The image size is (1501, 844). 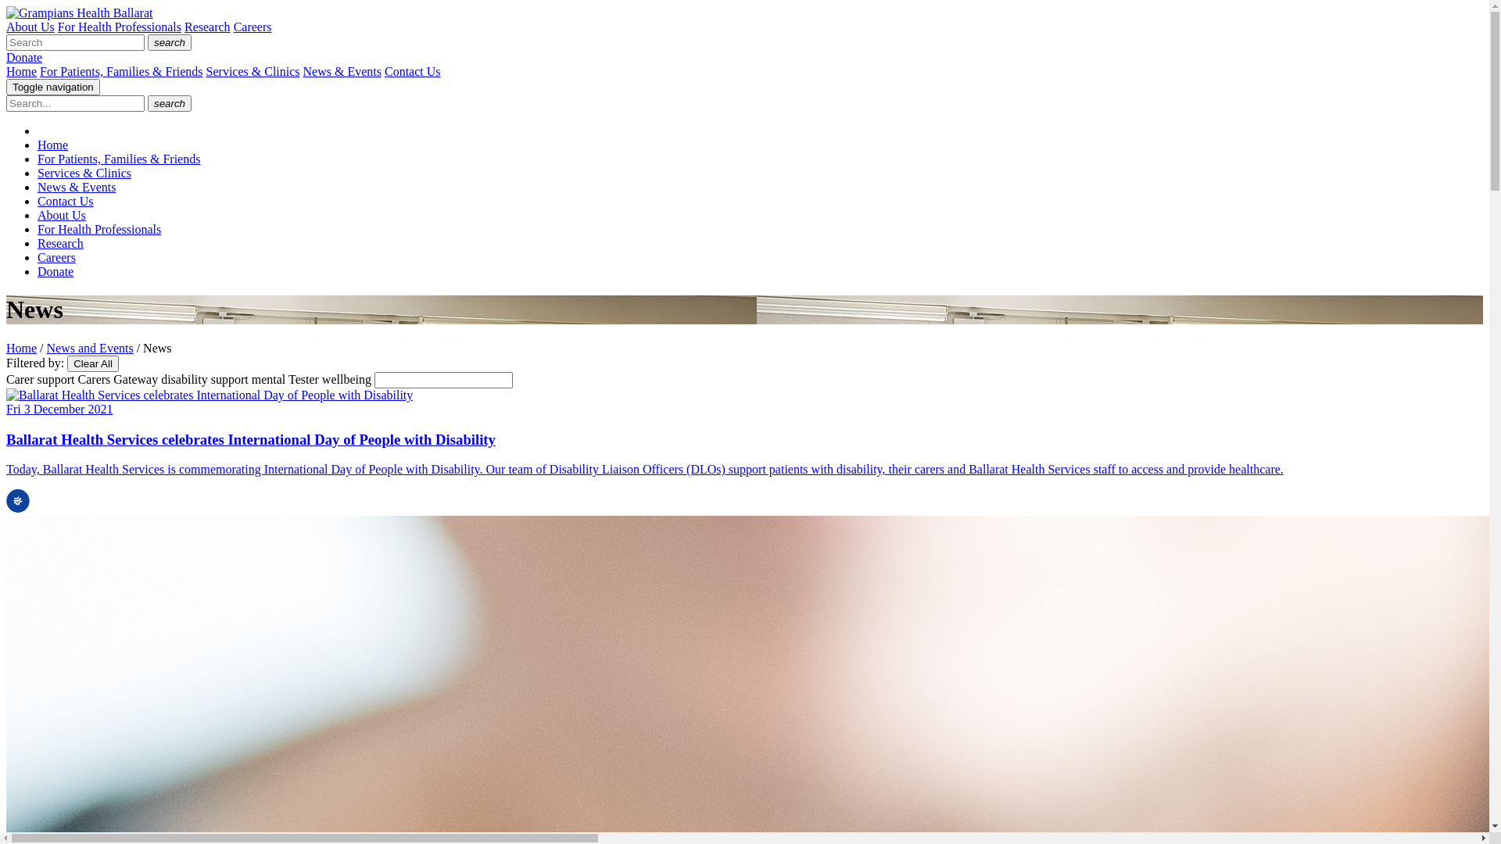 I want to click on 'Services & Clinics', so click(x=206, y=71).